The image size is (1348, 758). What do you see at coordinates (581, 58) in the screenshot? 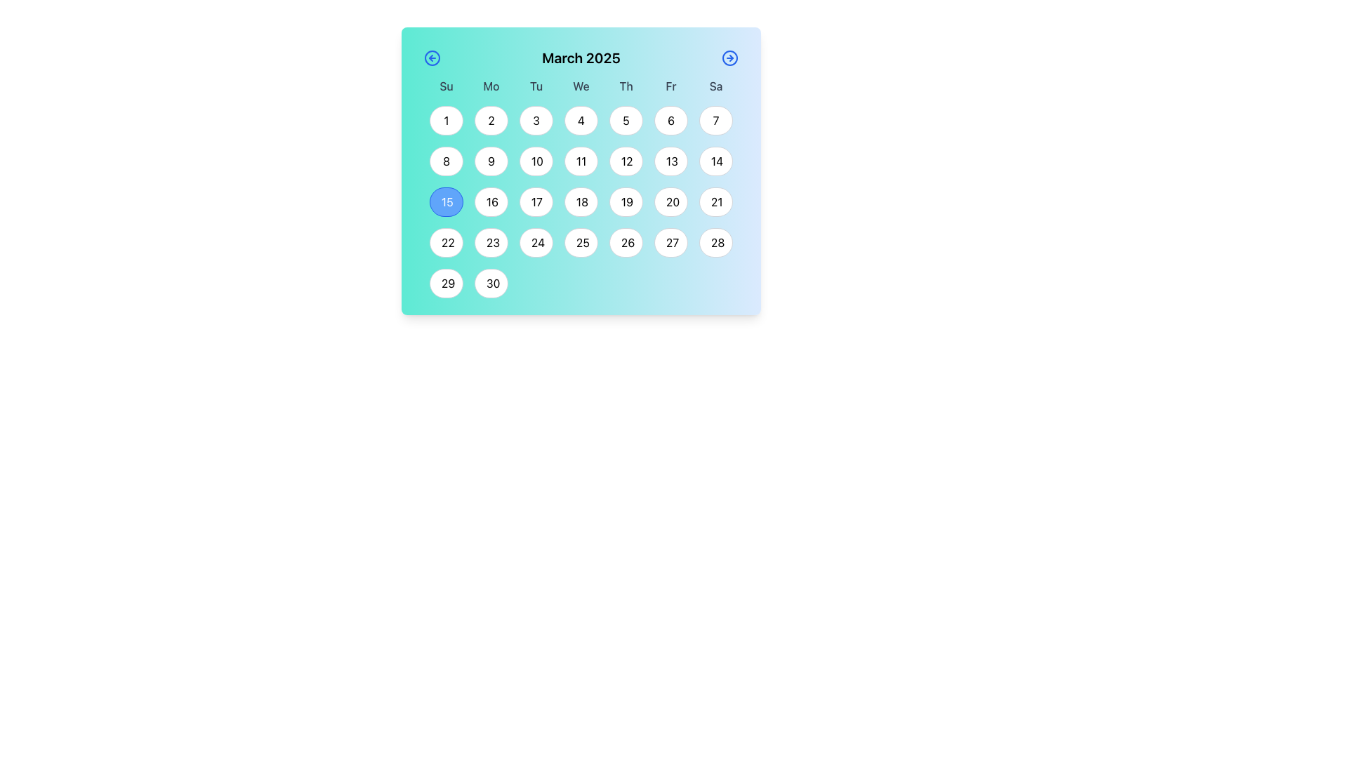
I see `the text label displaying 'March 2025', which serves as the title of the calendar interface, located at the top-center above the grid of days` at bounding box center [581, 58].